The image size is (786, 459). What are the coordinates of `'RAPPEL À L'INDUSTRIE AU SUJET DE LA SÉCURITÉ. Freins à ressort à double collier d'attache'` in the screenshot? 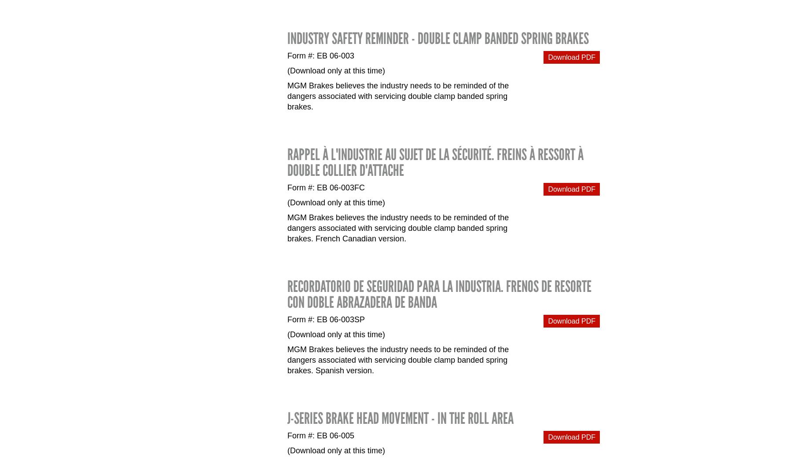 It's located at (435, 162).